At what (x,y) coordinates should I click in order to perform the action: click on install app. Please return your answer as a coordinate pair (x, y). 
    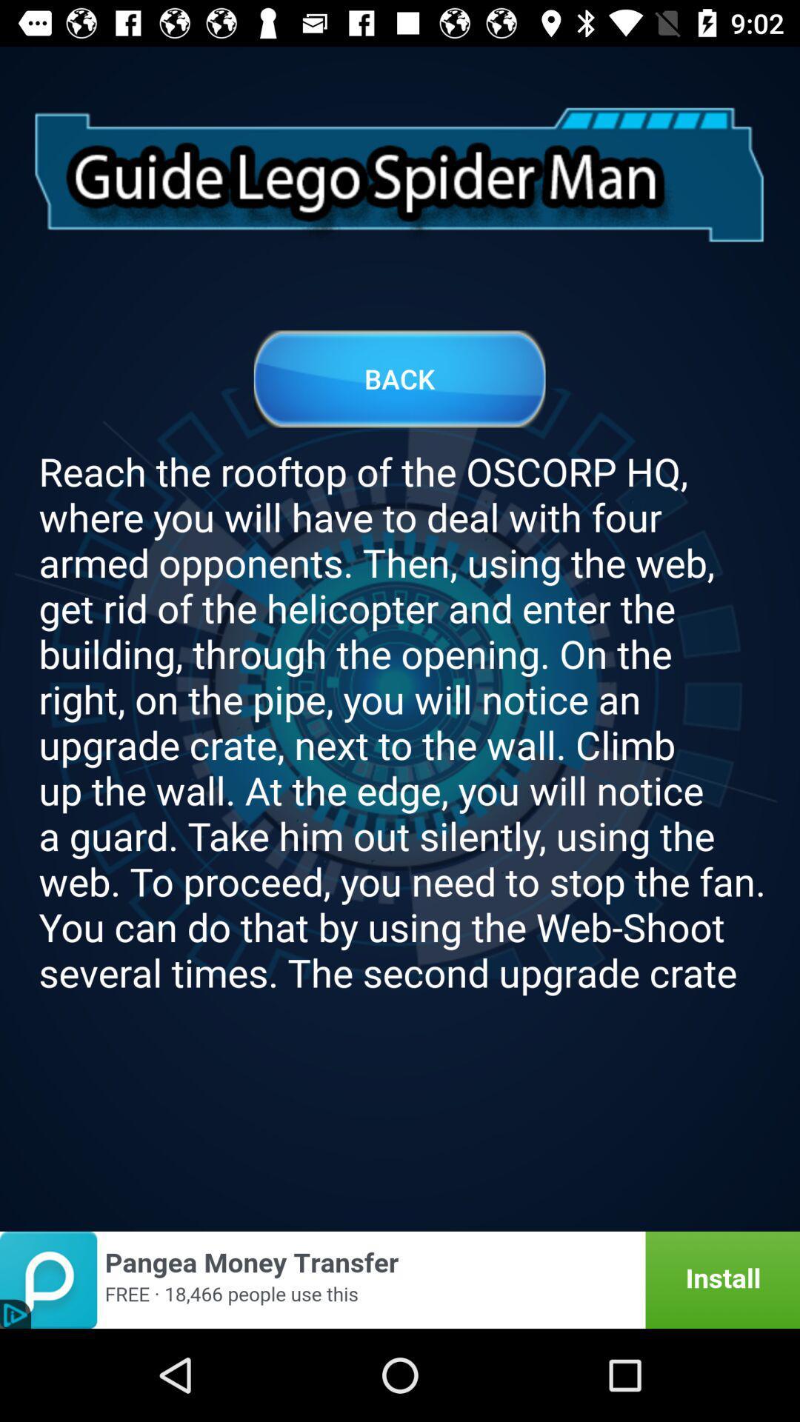
    Looking at the image, I should click on (400, 1279).